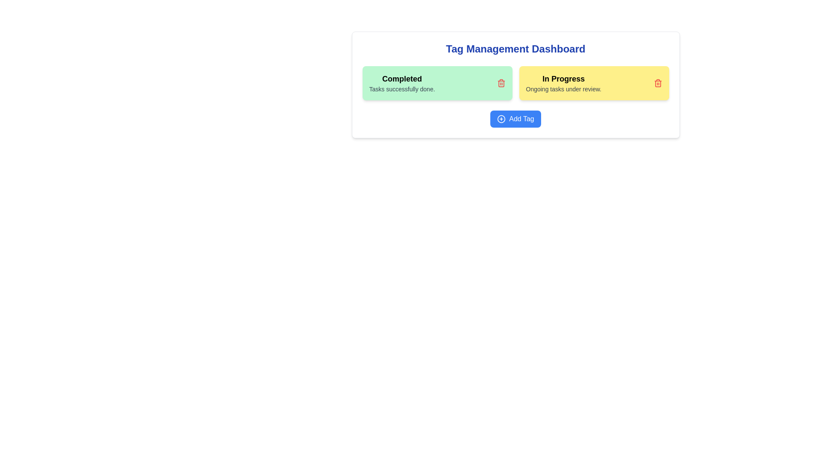 The image size is (820, 461). What do you see at coordinates (515, 119) in the screenshot?
I see `the rectangular button with rounded corners, blue background, and white text labeled 'Add Tag'` at bounding box center [515, 119].